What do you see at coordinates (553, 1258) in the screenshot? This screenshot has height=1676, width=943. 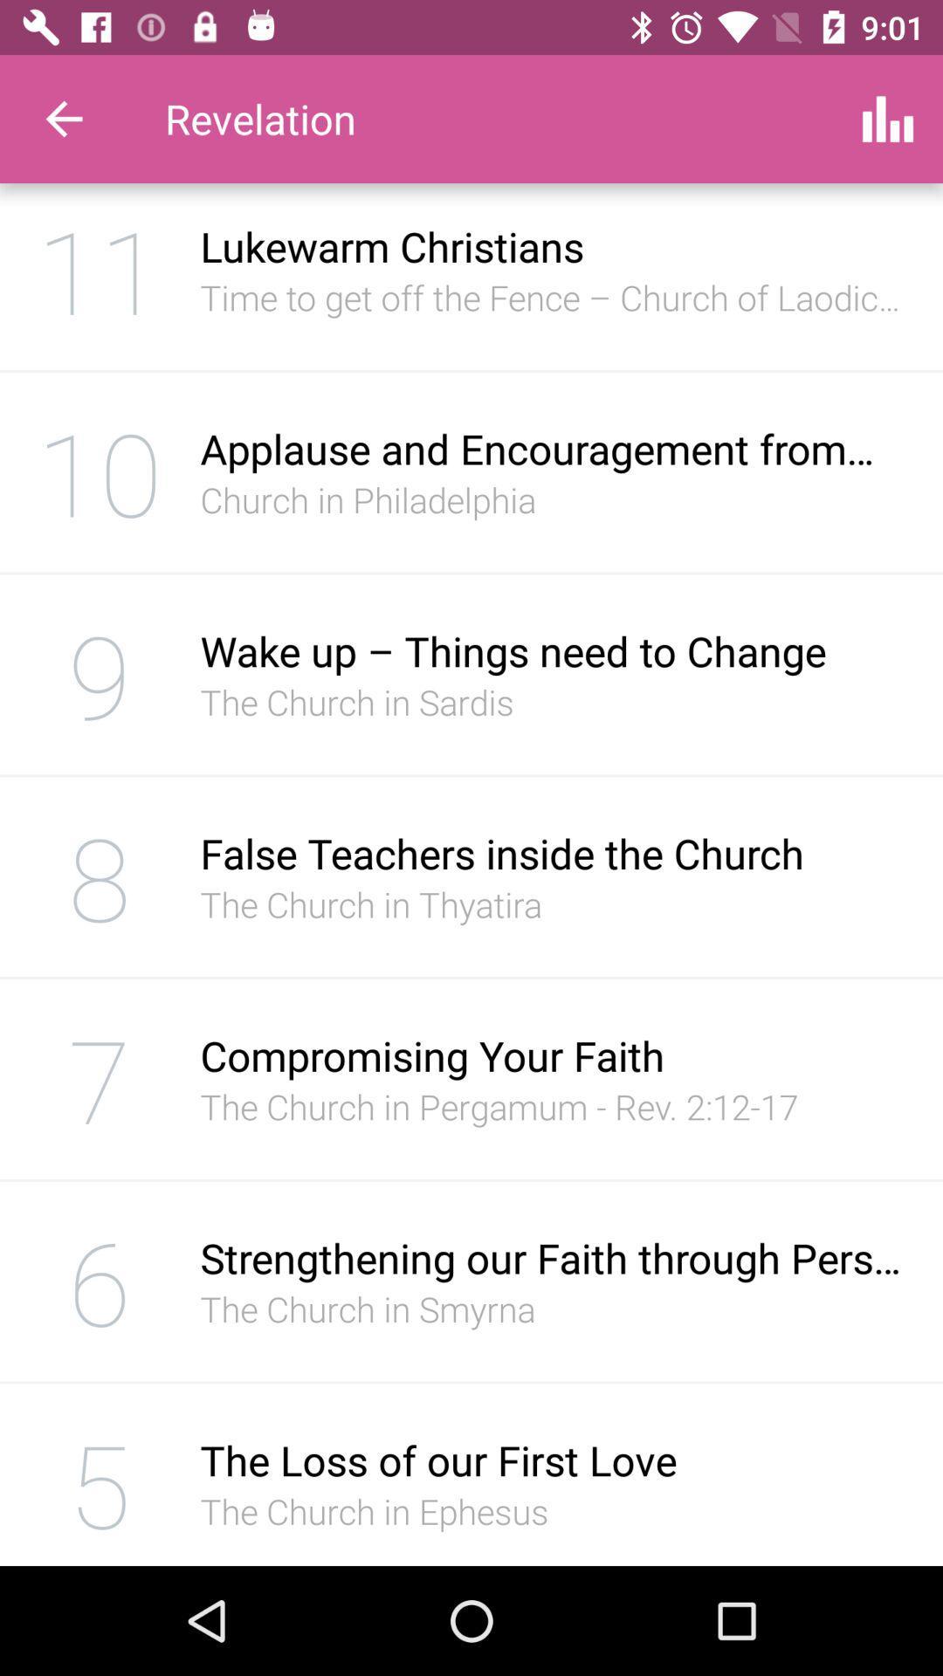 I see `the strengthening our faith icon` at bounding box center [553, 1258].